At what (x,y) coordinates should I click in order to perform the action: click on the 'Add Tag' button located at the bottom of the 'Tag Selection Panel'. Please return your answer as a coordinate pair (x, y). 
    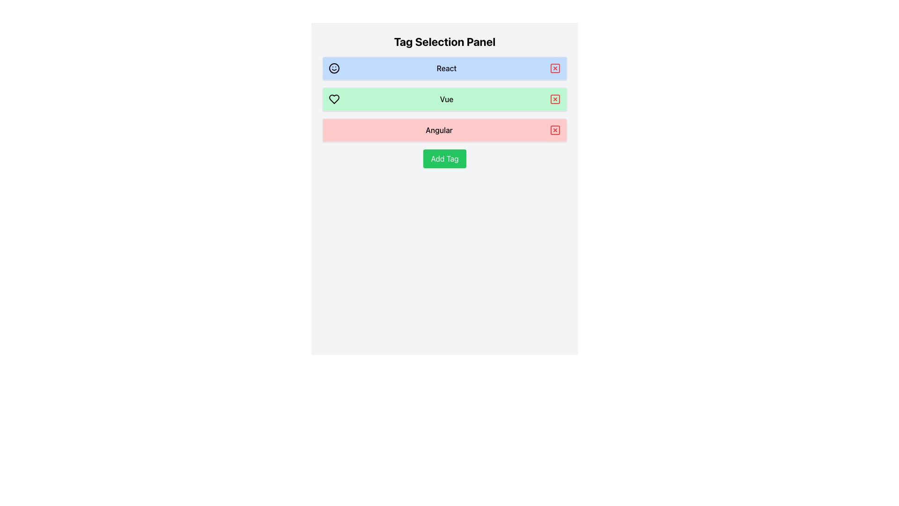
    Looking at the image, I should click on (444, 158).